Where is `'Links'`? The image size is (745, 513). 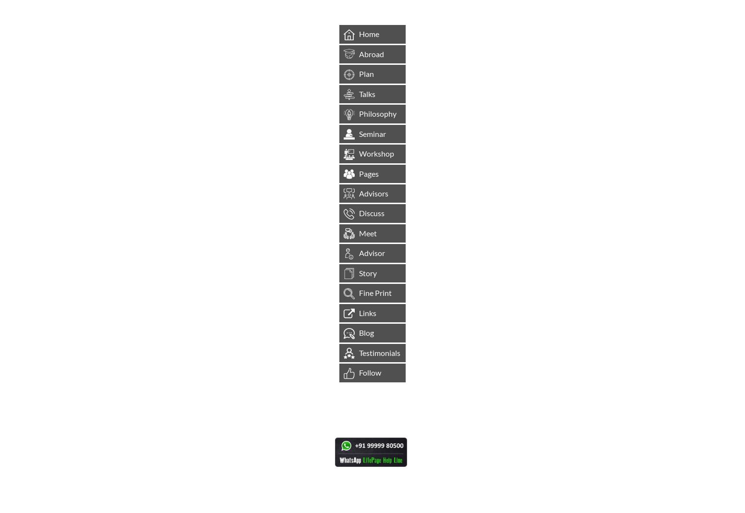 'Links' is located at coordinates (356, 312).